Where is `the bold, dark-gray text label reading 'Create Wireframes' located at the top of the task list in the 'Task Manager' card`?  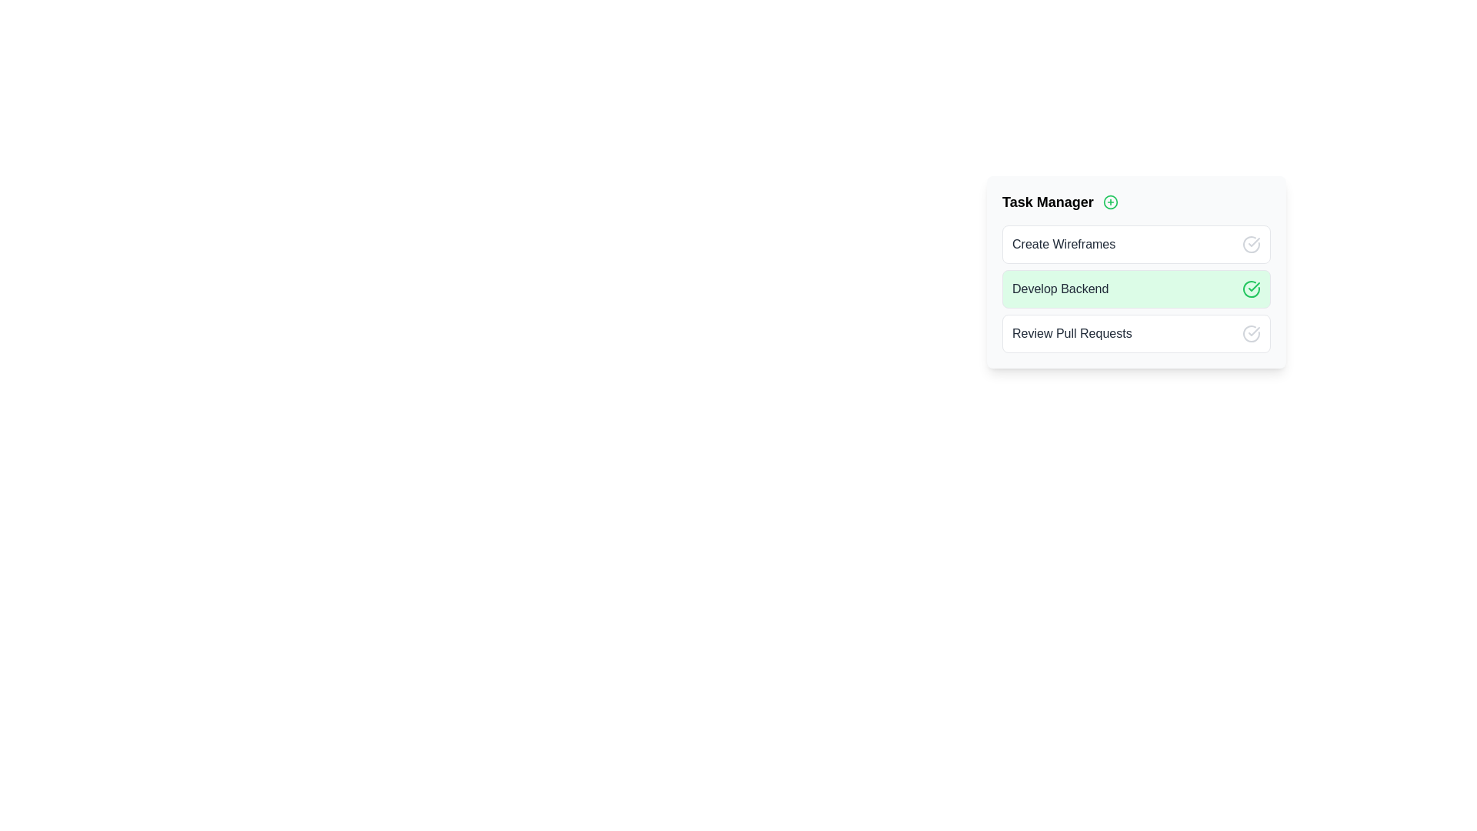 the bold, dark-gray text label reading 'Create Wireframes' located at the top of the task list in the 'Task Manager' card is located at coordinates (1063, 243).